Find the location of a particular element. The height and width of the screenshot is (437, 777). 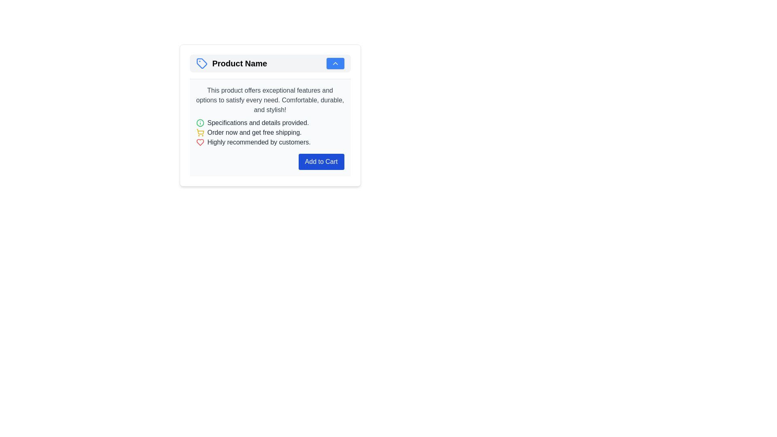

the Informational section with a light gray background that describes a product and includes action prompts like 'Order now and get free shipping' is located at coordinates (270, 127).